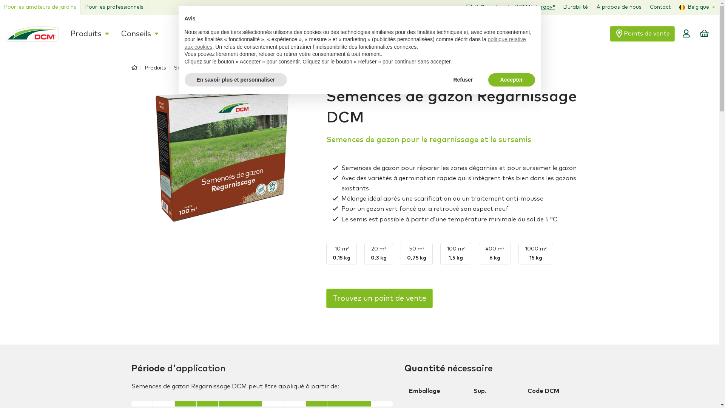  I want to click on 'Points de vente', so click(662, 33).